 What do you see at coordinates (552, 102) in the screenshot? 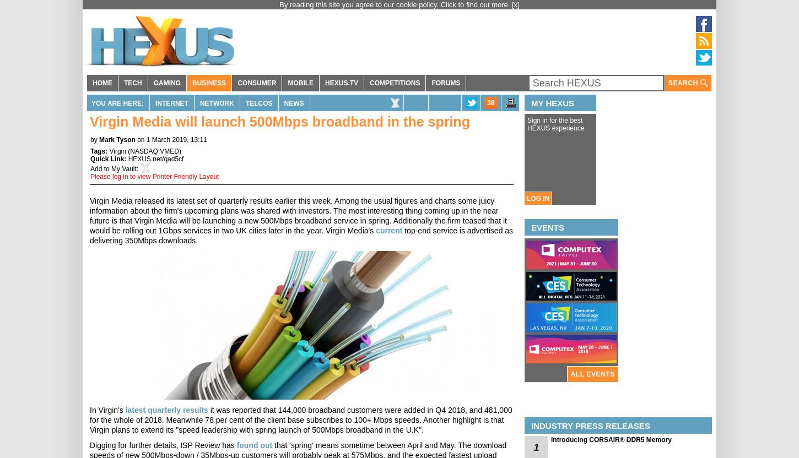
I see `'MY HEXUS'` at bounding box center [552, 102].